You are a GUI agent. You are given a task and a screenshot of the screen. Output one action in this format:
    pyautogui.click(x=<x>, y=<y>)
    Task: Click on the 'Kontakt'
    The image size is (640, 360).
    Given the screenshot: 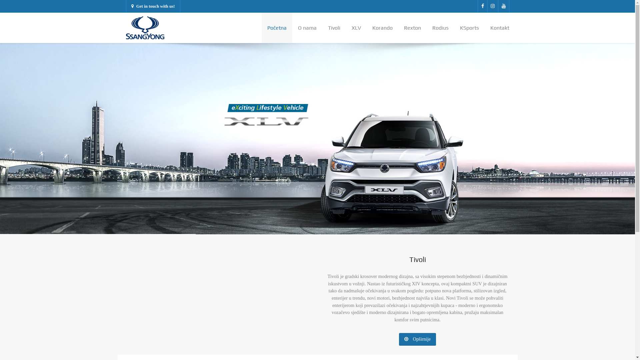 What is the action you would take?
    pyautogui.click(x=497, y=27)
    